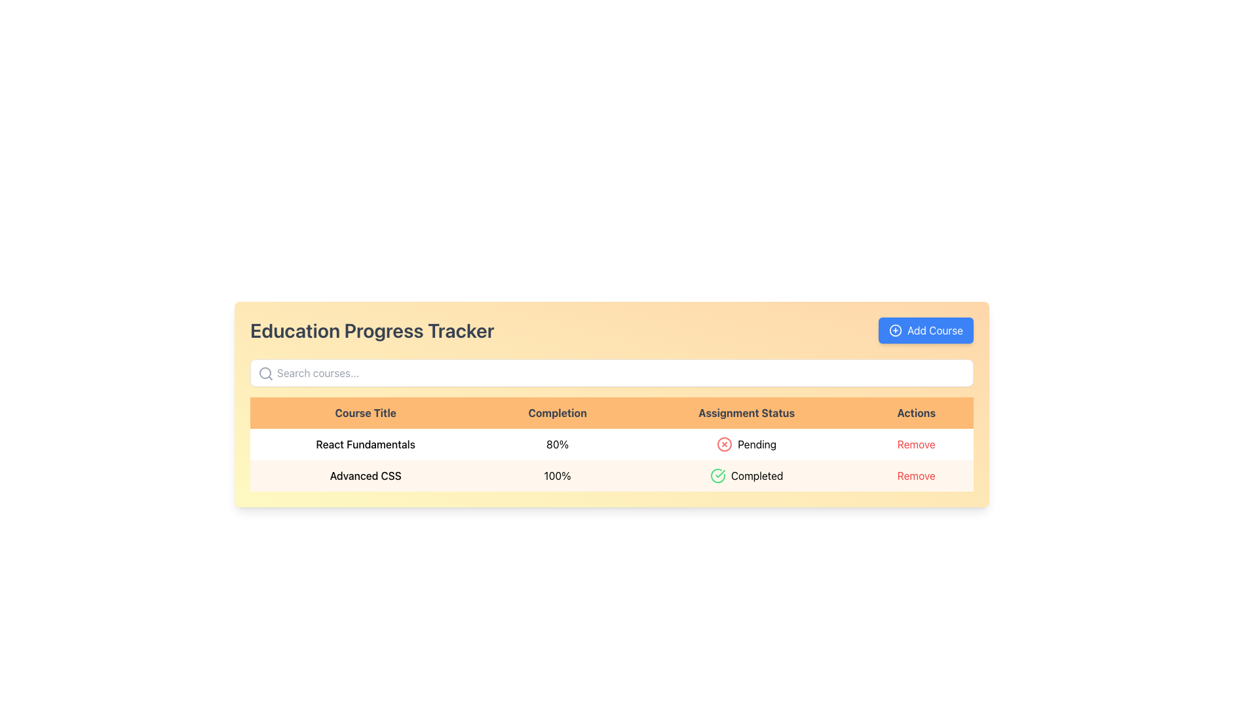  Describe the element at coordinates (915, 475) in the screenshot. I see `the interactive button-like link in the last cell of the second row under the 'Actions' column to initiate the removal action for the 'Advanced CSS' course` at that location.